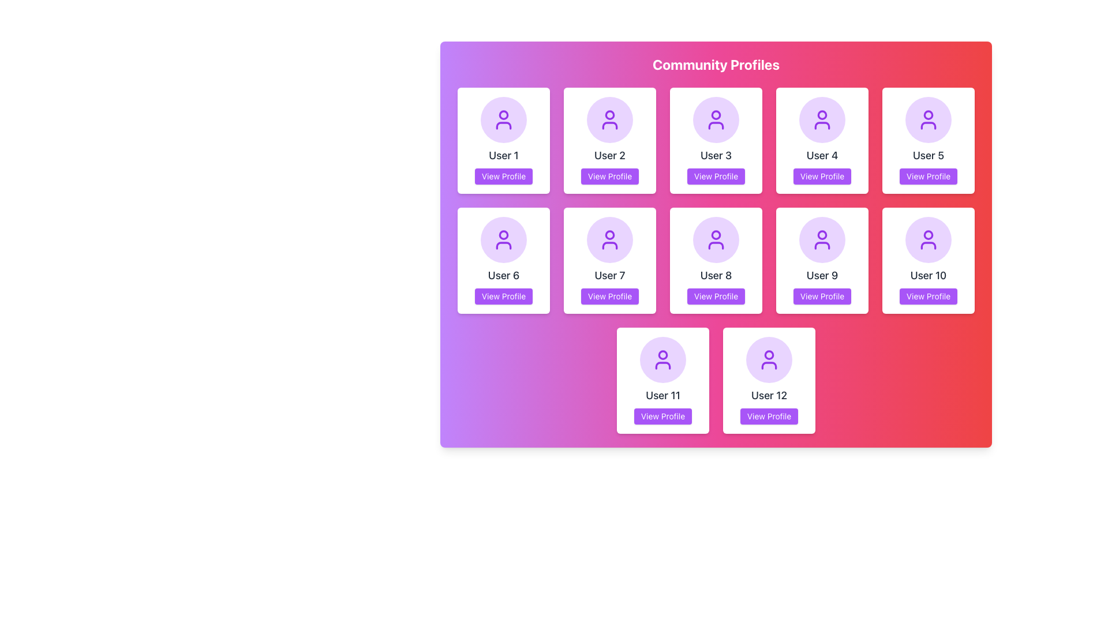 This screenshot has height=623, width=1108. I want to click on the User Icon Graphic, which is a bold purple outlined circular avatar representing 'User 7', located in the center row, second from the left, so click(609, 239).